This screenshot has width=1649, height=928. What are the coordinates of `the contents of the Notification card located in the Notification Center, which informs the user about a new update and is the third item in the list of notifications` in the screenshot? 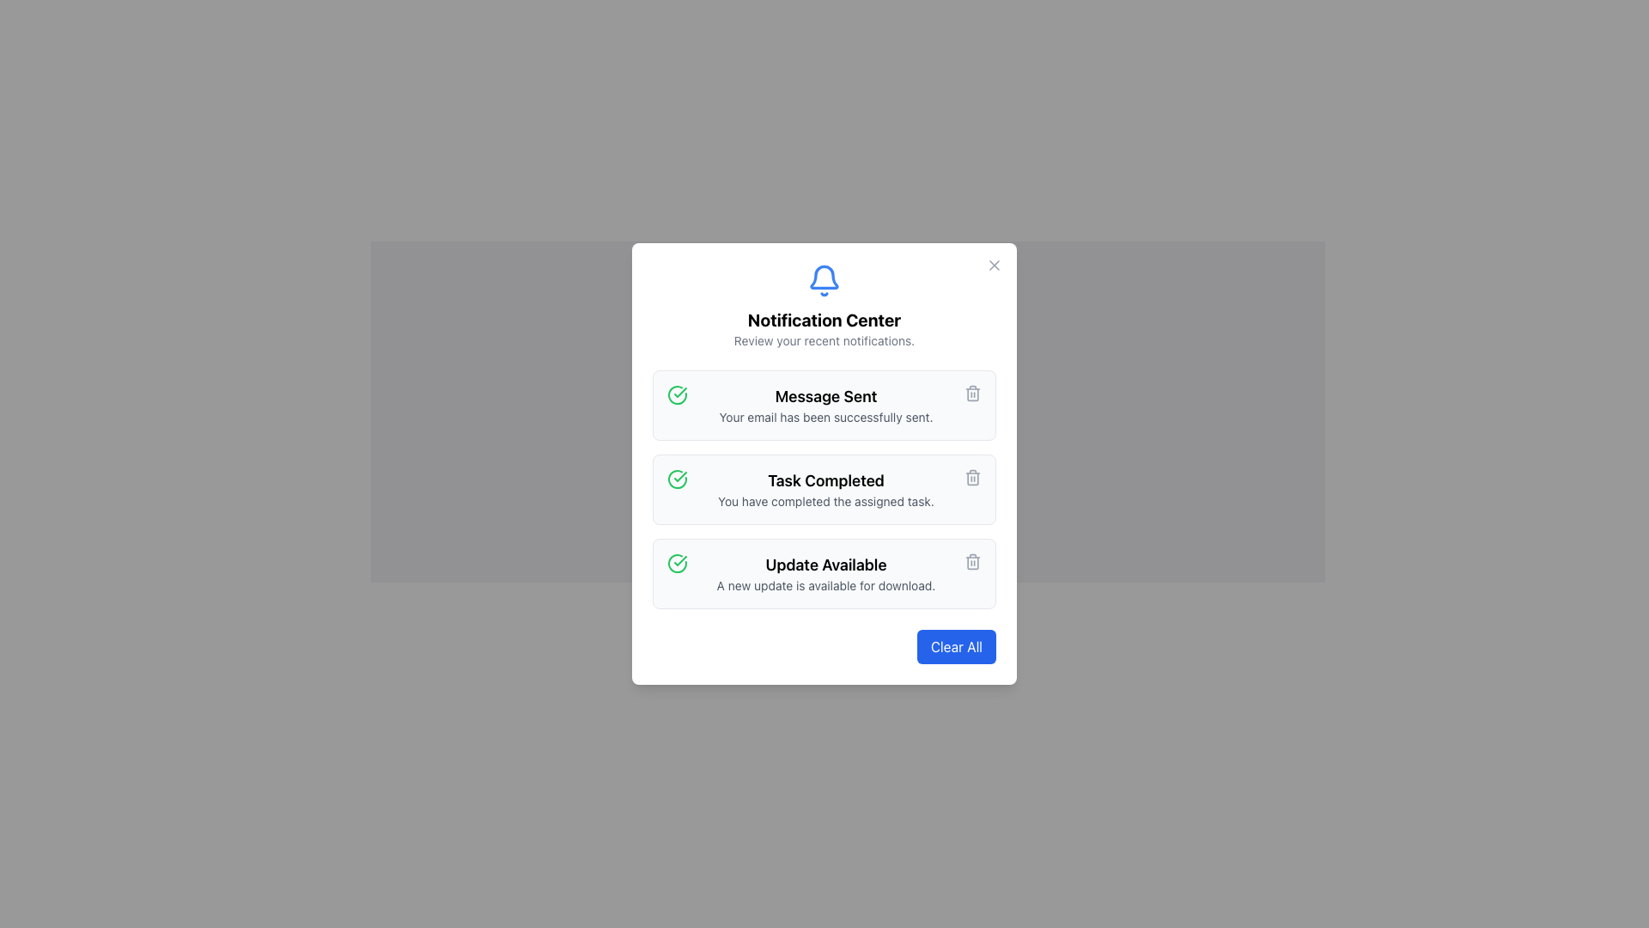 It's located at (824, 573).